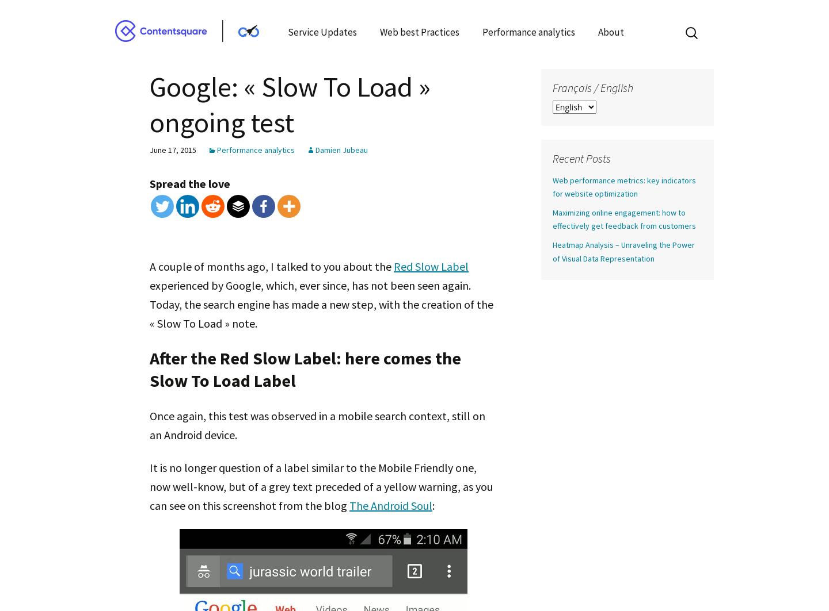  What do you see at coordinates (172, 149) in the screenshot?
I see `'June 17, 2015'` at bounding box center [172, 149].